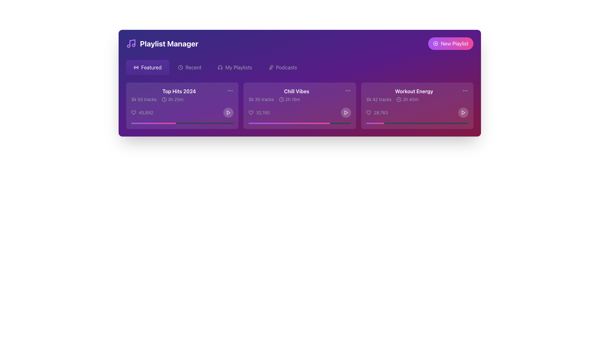  Describe the element at coordinates (169, 43) in the screenshot. I see `the static text label indicating the 'Playlist Manager' module, which is positioned in the top left section of the interface` at that location.